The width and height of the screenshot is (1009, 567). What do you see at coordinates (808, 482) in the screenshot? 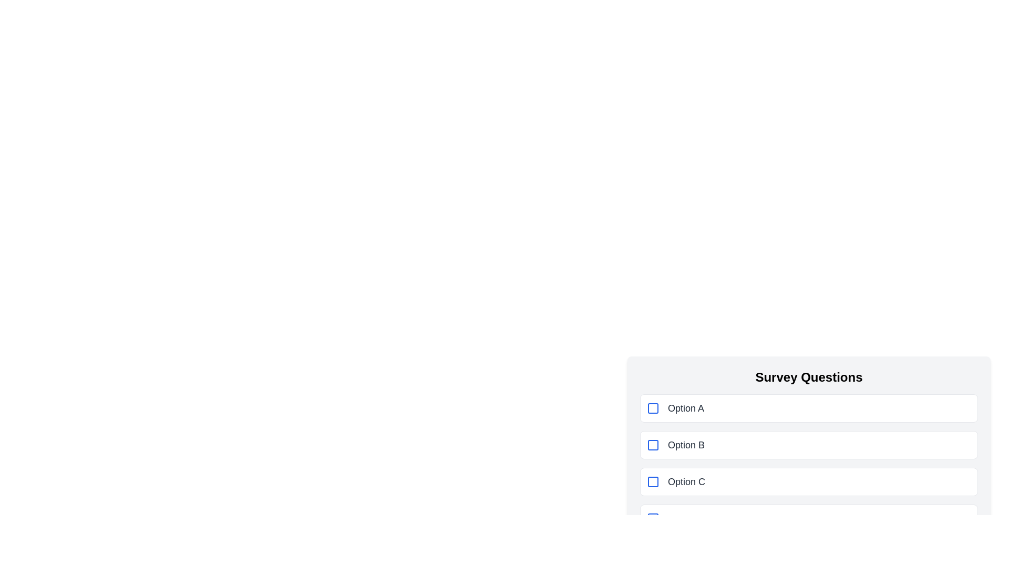
I see `the checkbox for 'Option C'` at bounding box center [808, 482].